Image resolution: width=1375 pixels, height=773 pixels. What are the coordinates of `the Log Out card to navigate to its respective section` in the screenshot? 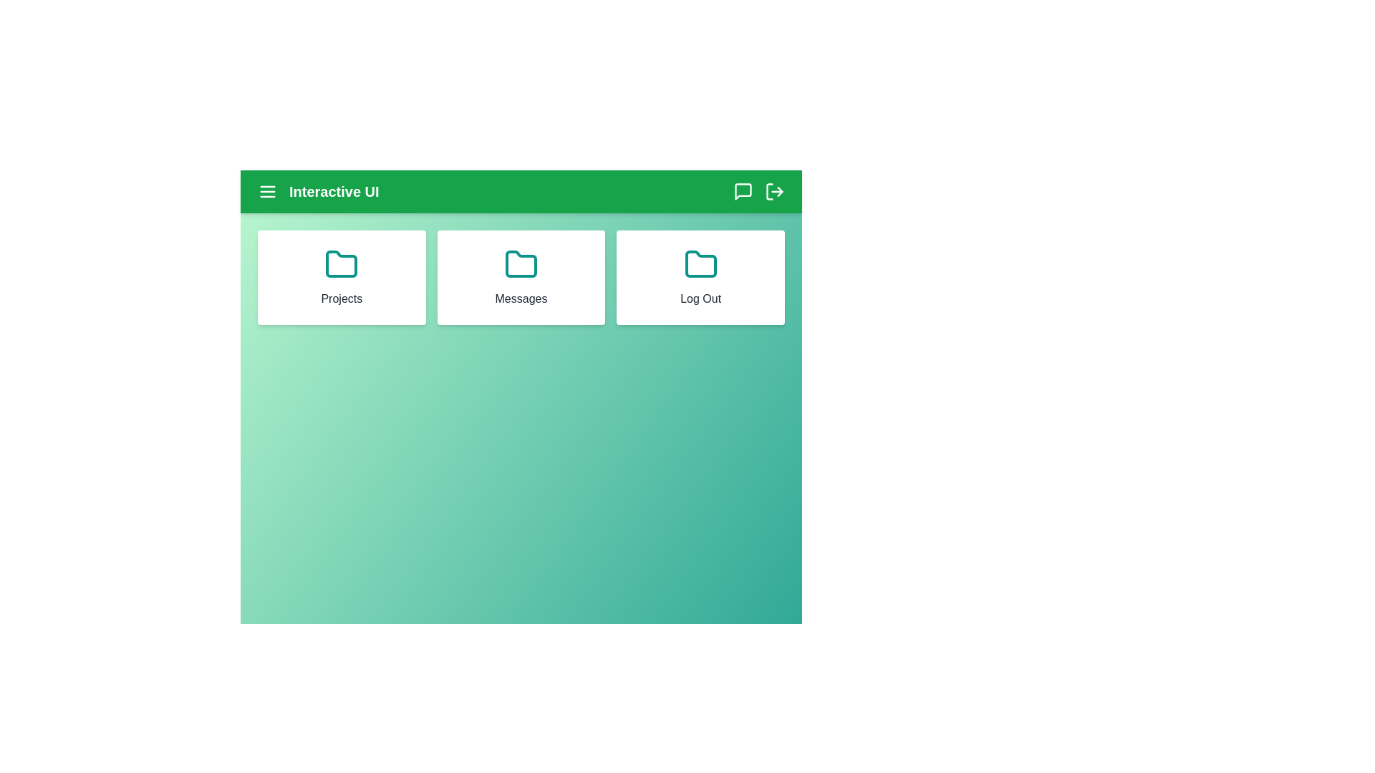 It's located at (701, 278).